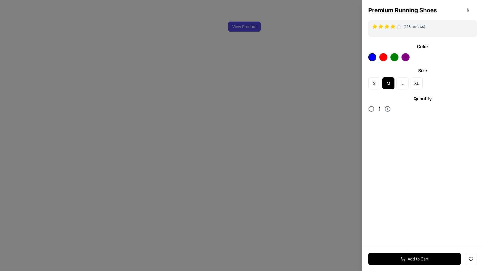 The height and width of the screenshot is (271, 483). What do you see at coordinates (423, 26) in the screenshot?
I see `the text '(128 reviews)' in the rating display below the heading 'Premium Running Shoes' to possibly see additional info` at bounding box center [423, 26].